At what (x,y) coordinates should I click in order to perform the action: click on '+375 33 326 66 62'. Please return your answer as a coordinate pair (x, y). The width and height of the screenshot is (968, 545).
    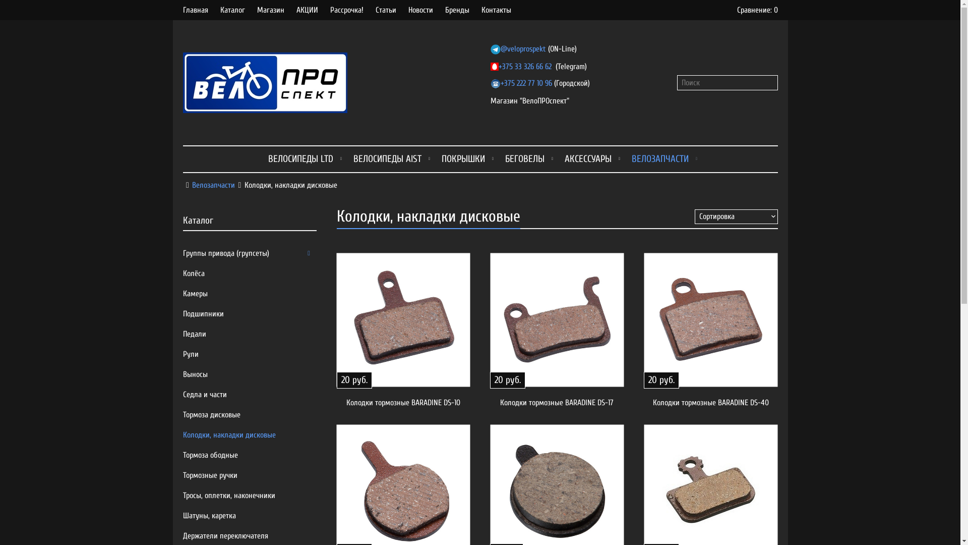
    Looking at the image, I should click on (498, 66).